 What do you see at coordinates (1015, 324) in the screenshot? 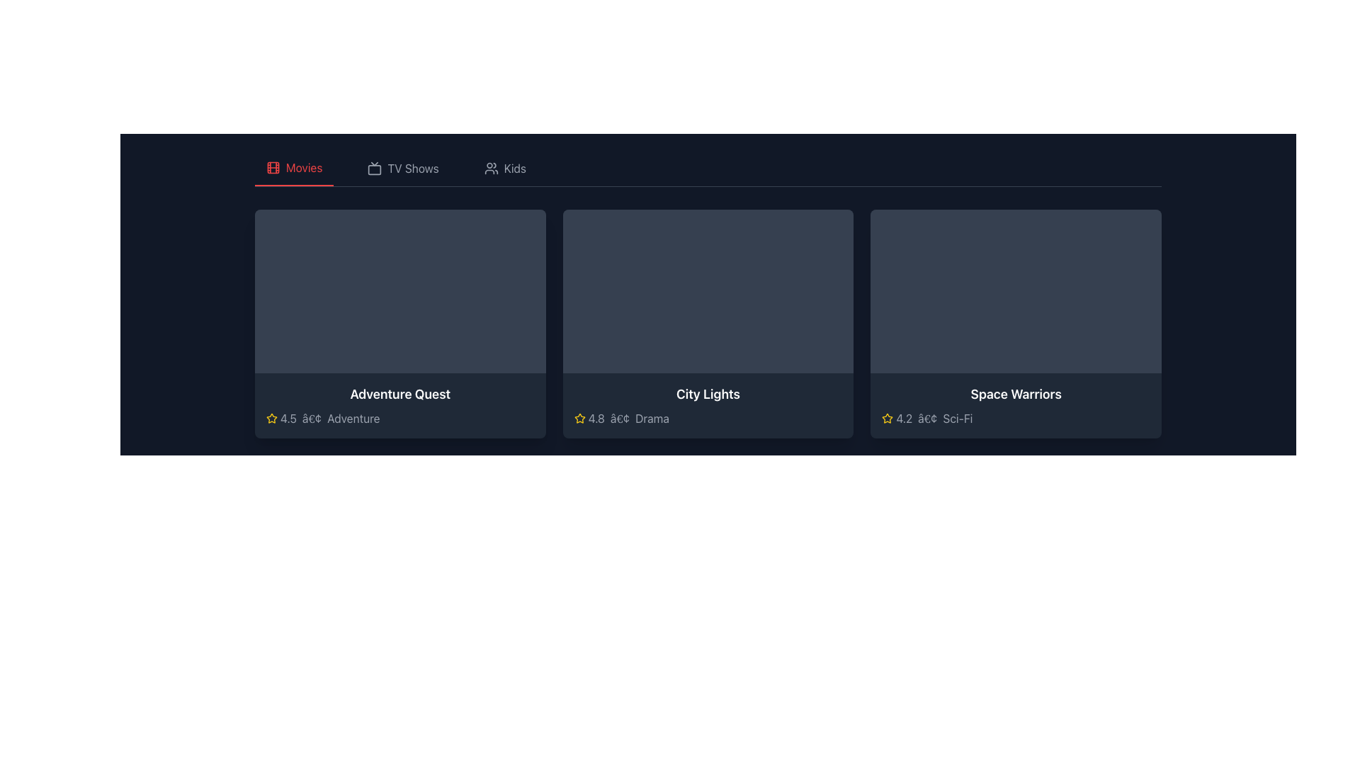
I see `the media card that provides information about a specific movie or show, located as the third card in a horizontal list` at bounding box center [1015, 324].